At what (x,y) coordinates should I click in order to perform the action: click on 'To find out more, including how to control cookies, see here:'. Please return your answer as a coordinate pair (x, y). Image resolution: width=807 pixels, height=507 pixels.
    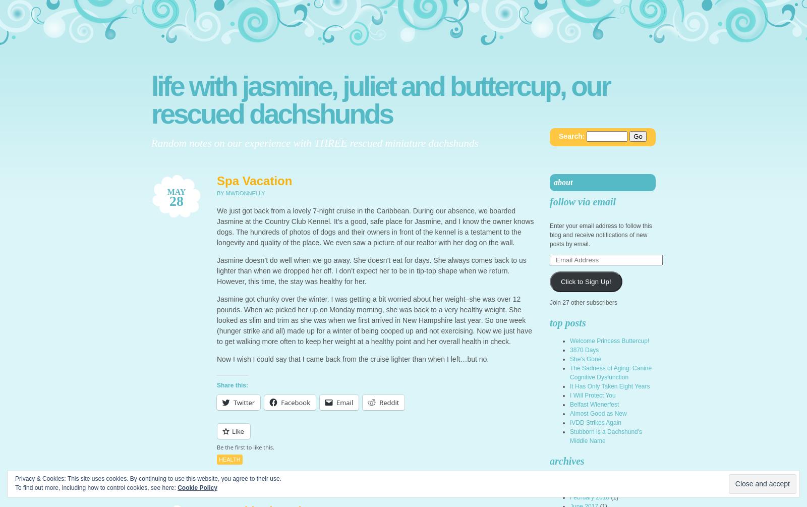
    Looking at the image, I should click on (96, 487).